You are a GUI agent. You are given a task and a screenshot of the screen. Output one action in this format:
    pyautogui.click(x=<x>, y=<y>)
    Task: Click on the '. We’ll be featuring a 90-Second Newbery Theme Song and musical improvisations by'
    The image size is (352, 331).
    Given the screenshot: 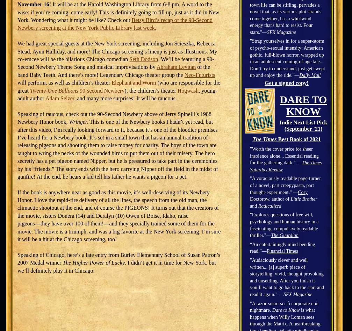 What is the action you would take?
    pyautogui.click(x=116, y=63)
    